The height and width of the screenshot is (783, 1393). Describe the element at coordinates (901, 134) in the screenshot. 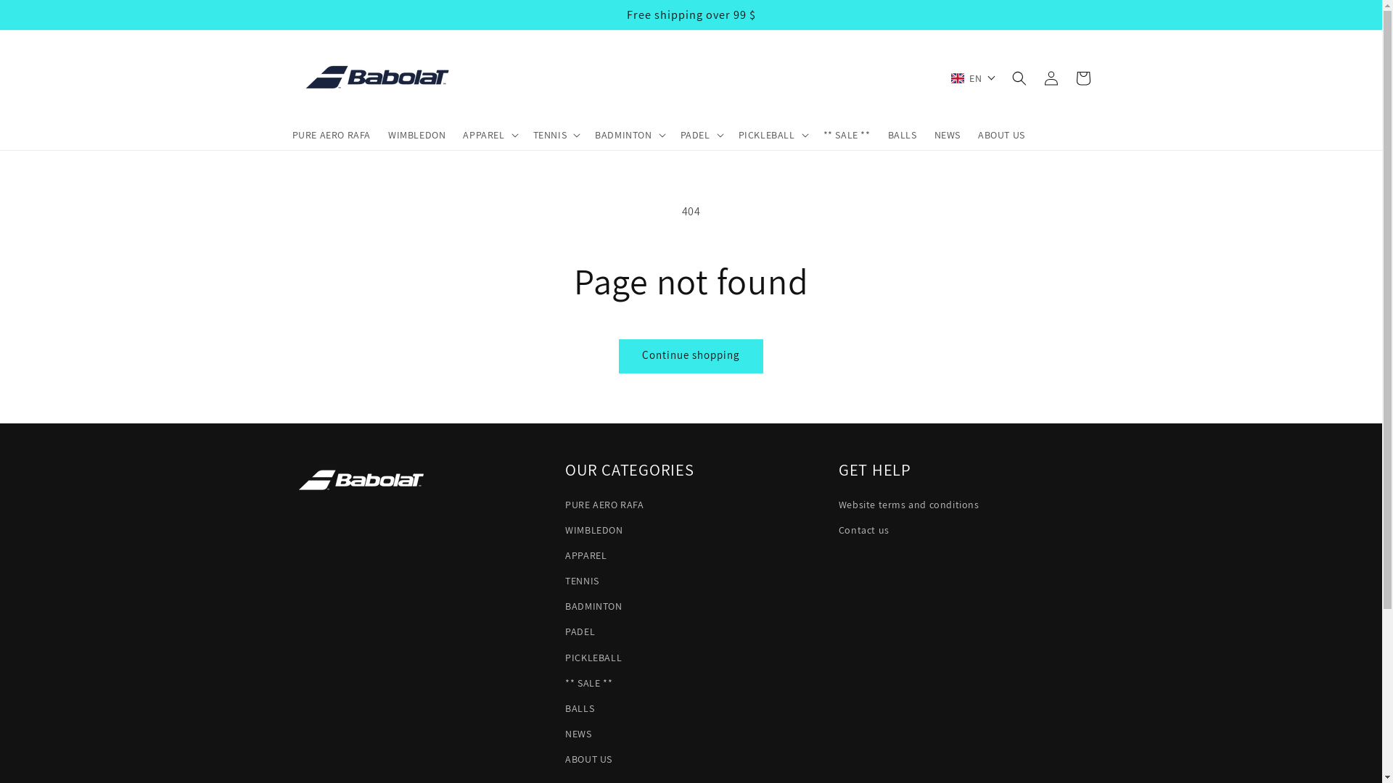

I see `'BALLS'` at that location.